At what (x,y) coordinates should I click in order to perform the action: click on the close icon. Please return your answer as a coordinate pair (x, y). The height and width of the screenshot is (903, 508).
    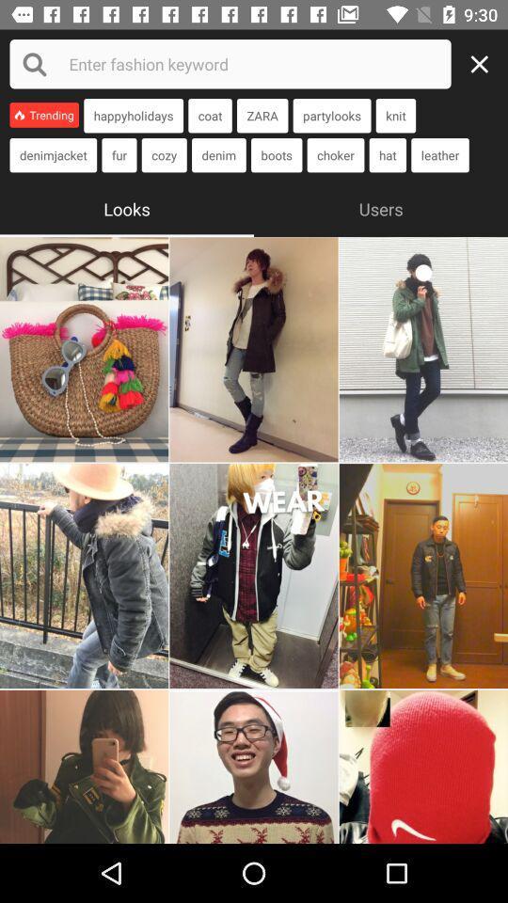
    Looking at the image, I should click on (484, 64).